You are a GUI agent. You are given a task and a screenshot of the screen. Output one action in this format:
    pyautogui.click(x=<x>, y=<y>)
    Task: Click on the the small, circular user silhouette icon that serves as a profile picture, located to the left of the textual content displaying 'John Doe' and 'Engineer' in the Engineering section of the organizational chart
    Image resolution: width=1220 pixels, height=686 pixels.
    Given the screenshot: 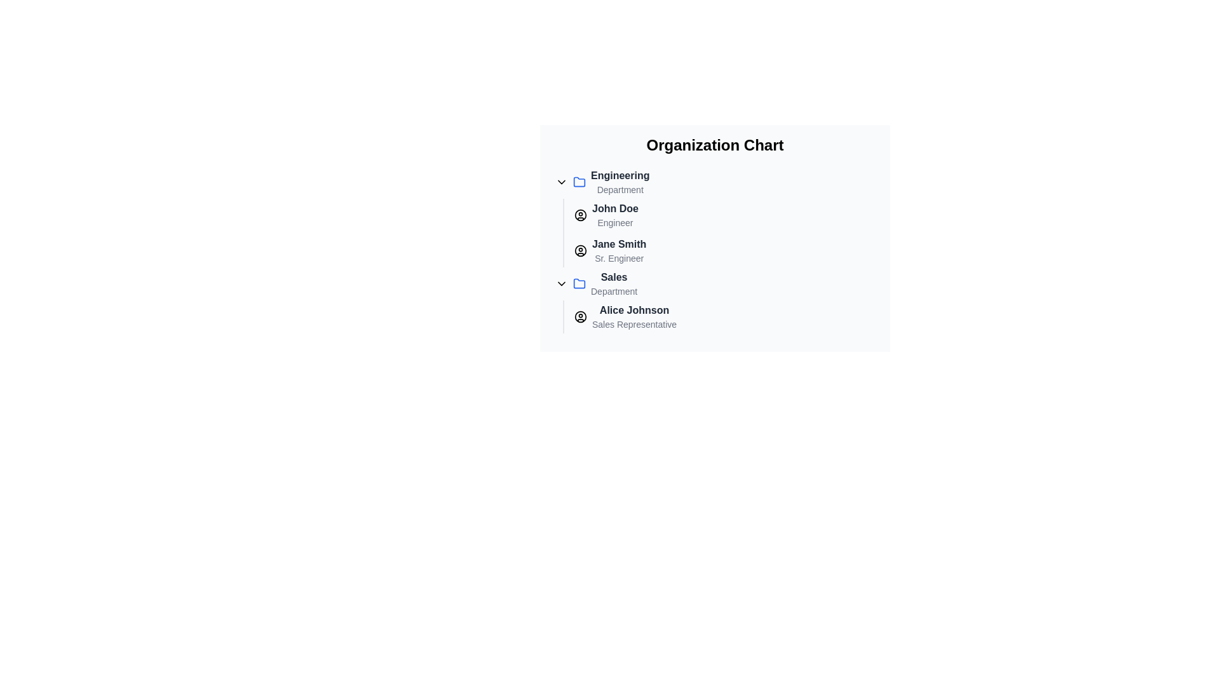 What is the action you would take?
    pyautogui.click(x=579, y=215)
    